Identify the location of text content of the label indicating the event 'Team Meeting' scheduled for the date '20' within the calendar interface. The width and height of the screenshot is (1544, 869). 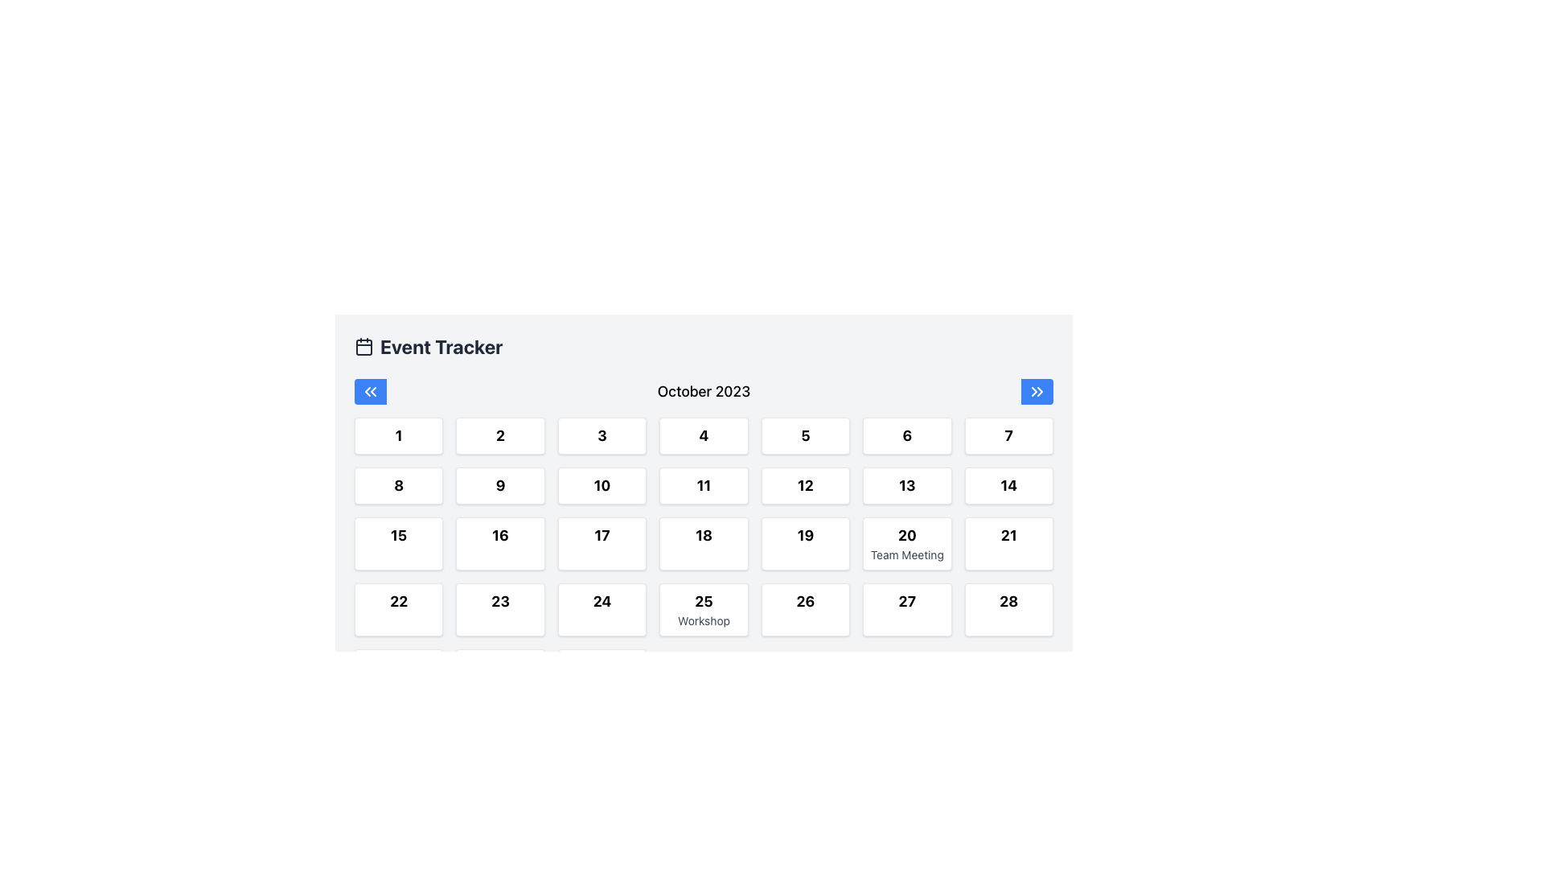
(907, 554).